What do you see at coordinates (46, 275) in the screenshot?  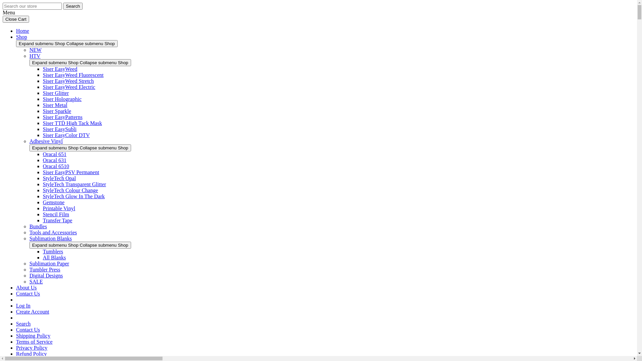 I see `'Digital Designs'` at bounding box center [46, 275].